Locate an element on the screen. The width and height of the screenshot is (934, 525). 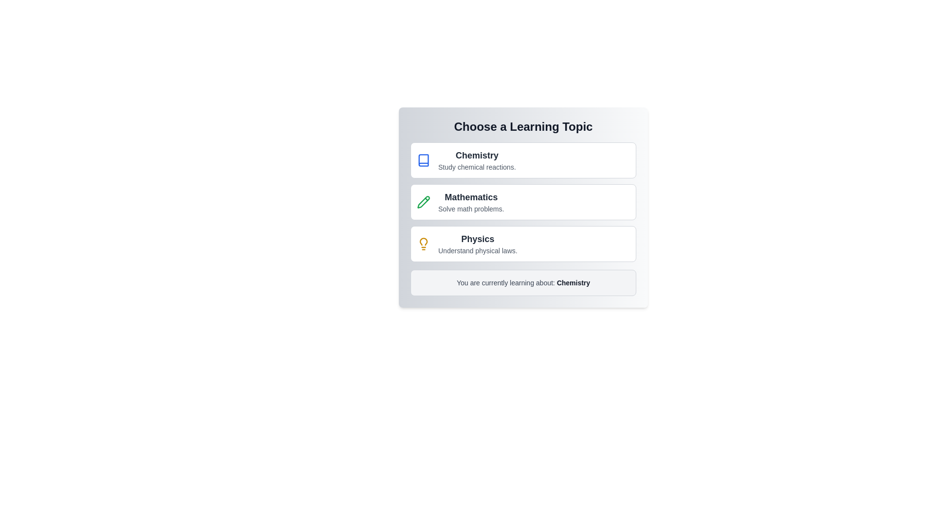
the 'Mathematics' text block, which is the second option in the list of learning topics is located at coordinates (471, 202).